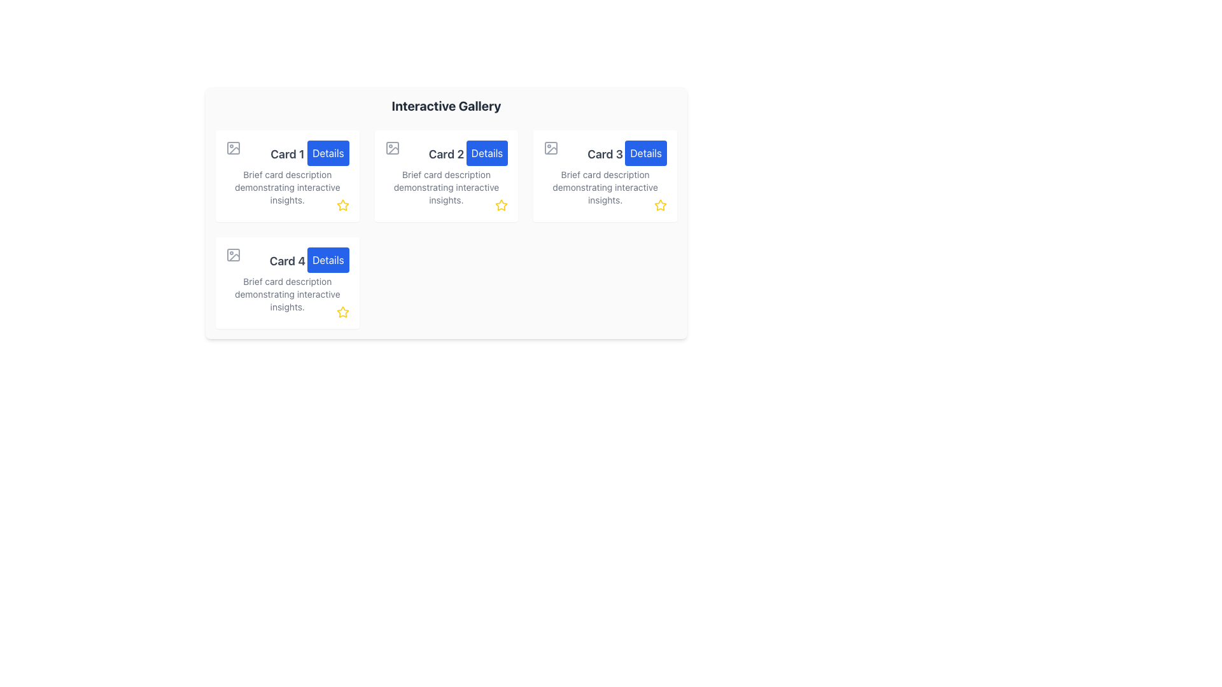 This screenshot has width=1222, height=687. I want to click on the text label that reads 'Brief card description demonstrating interactive insights.' located below the 'Card 3' title in the 'Interactive Gallery.', so click(605, 187).